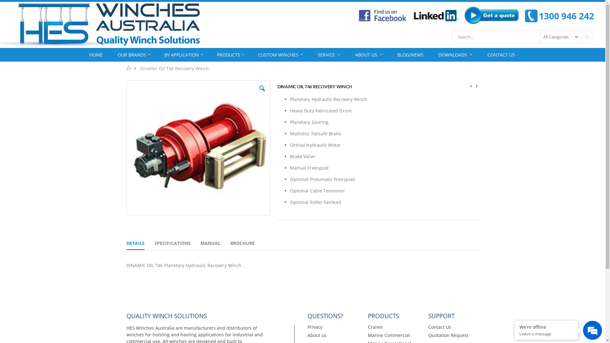 Image resolution: width=610 pixels, height=343 pixels. Describe the element at coordinates (349, 54) in the screenshot. I see `'ABOUT US'` at that location.